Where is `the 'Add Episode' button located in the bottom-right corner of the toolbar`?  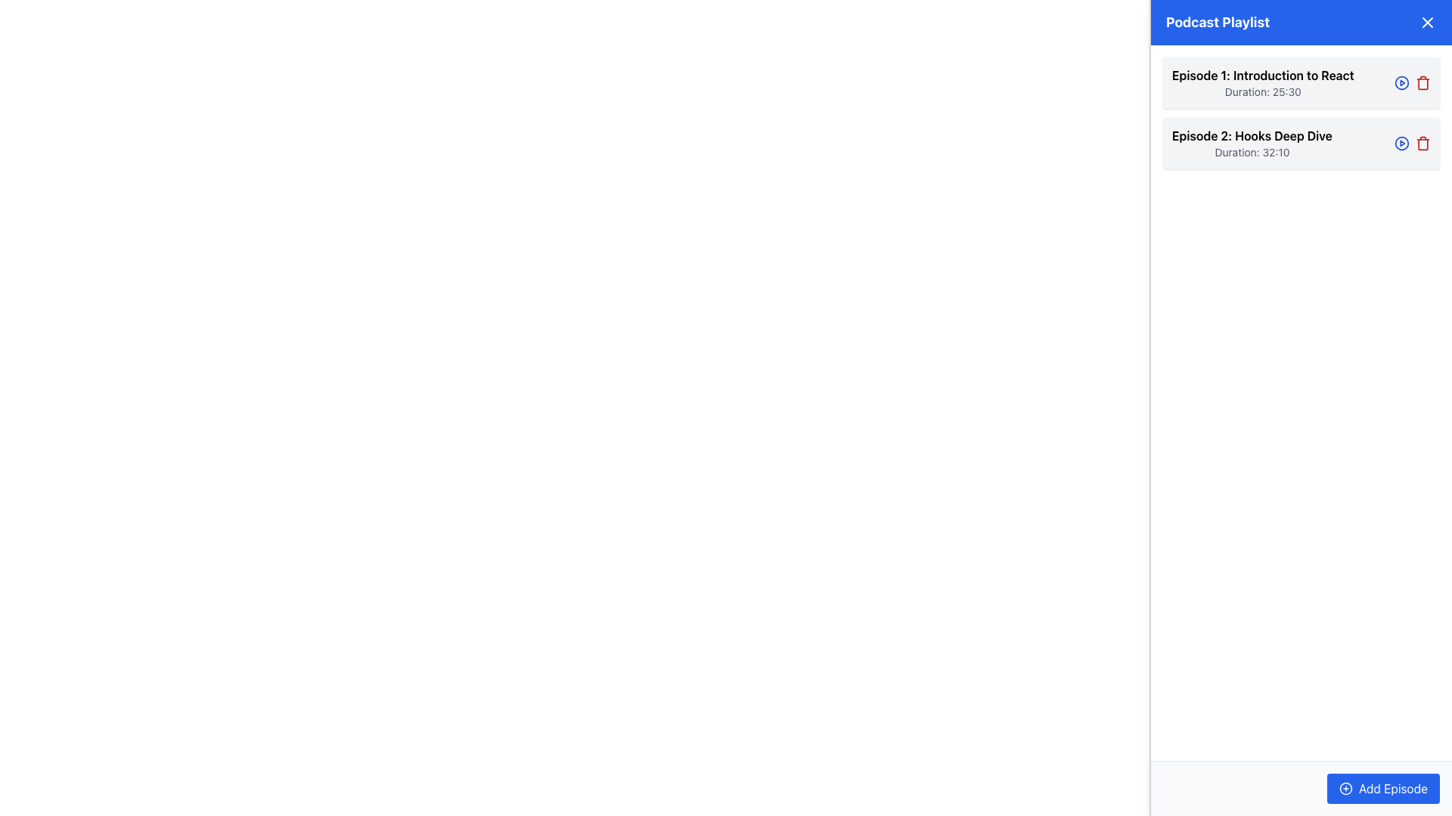 the 'Add Episode' button located in the bottom-right corner of the toolbar is located at coordinates (1383, 788).